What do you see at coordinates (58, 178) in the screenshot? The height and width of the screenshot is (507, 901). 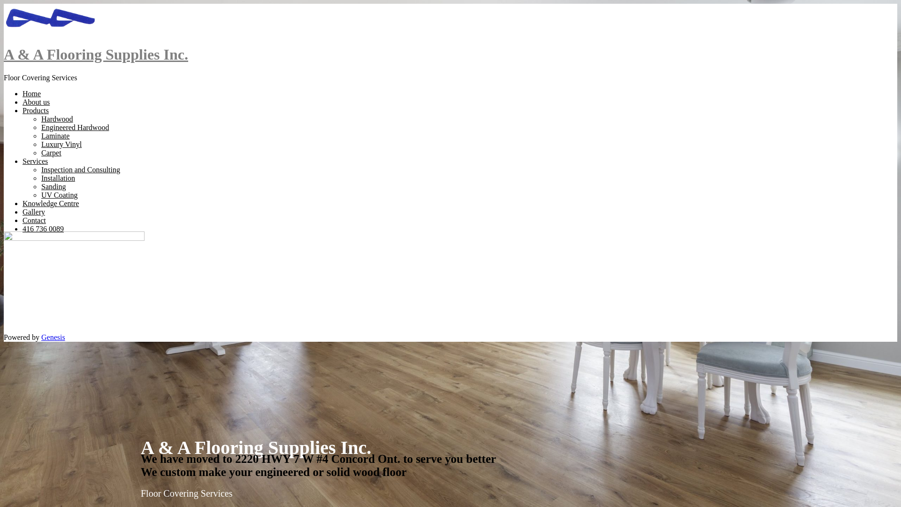 I see `'Installation'` at bounding box center [58, 178].